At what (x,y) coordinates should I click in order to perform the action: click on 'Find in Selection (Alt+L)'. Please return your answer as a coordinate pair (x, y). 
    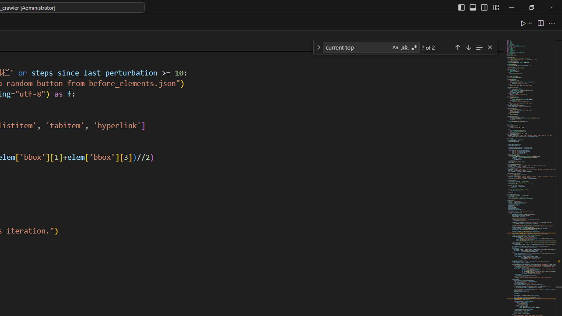
    Looking at the image, I should click on (479, 47).